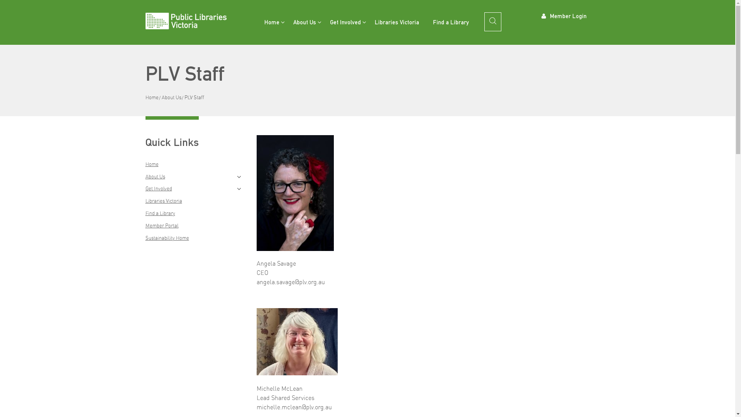 Image resolution: width=741 pixels, height=417 pixels. I want to click on 'Sustainability Home', so click(145, 237).